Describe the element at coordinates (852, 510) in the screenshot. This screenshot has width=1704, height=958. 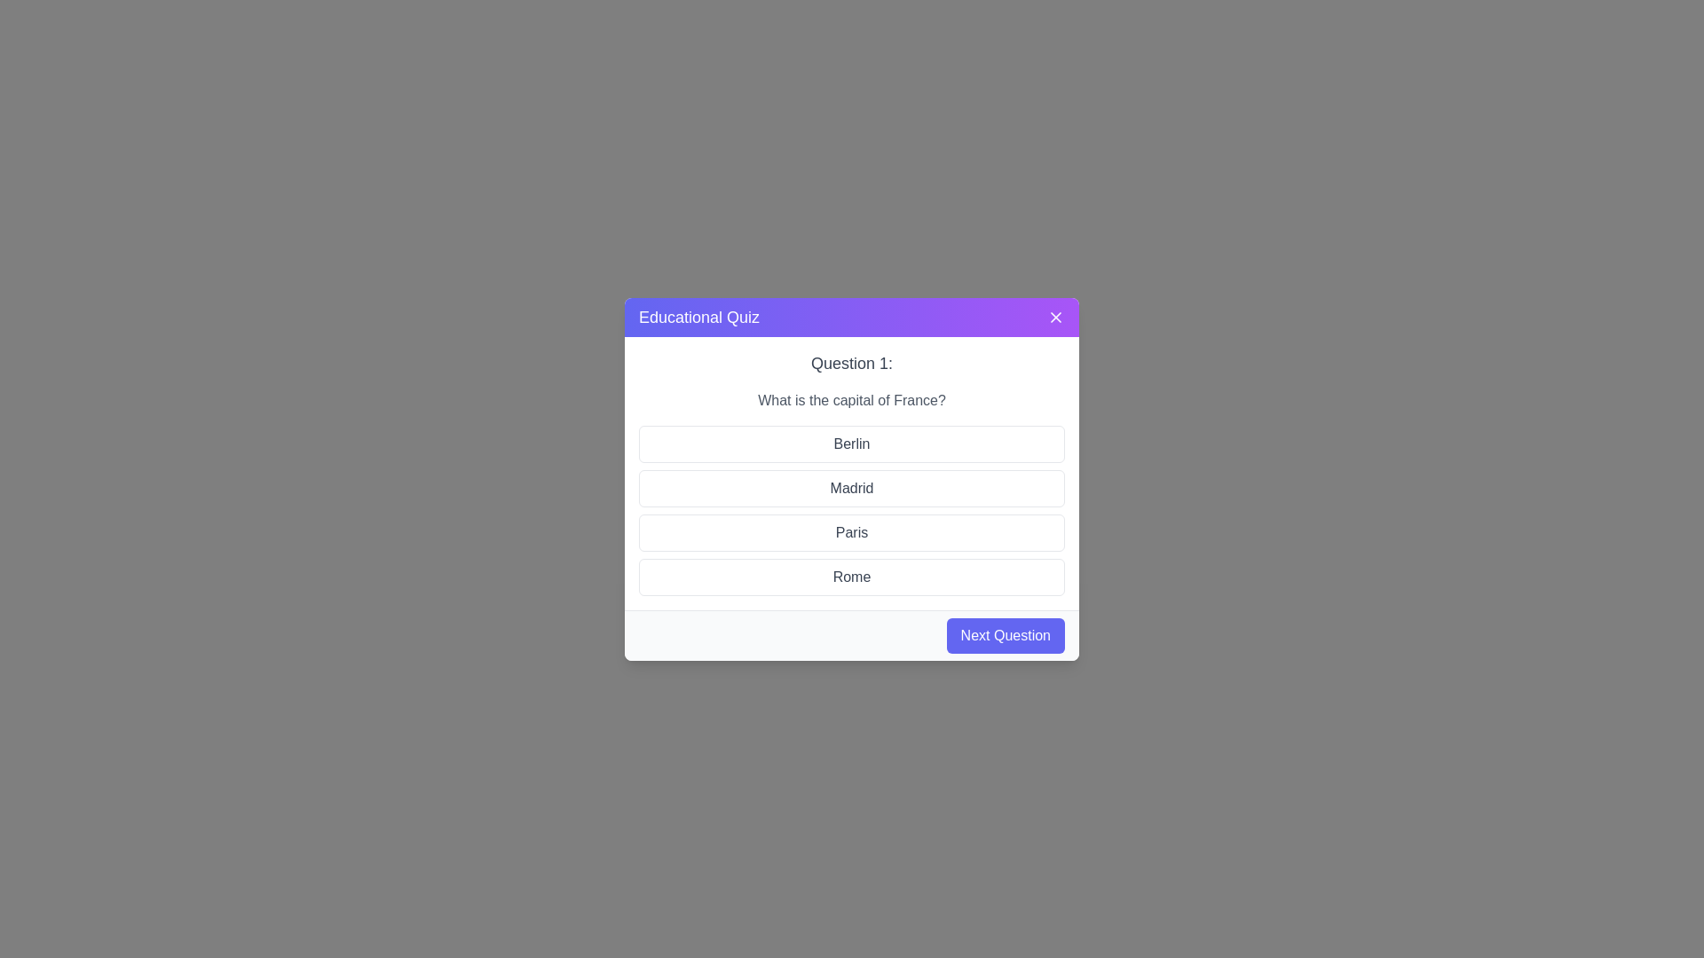
I see `the option` at that location.